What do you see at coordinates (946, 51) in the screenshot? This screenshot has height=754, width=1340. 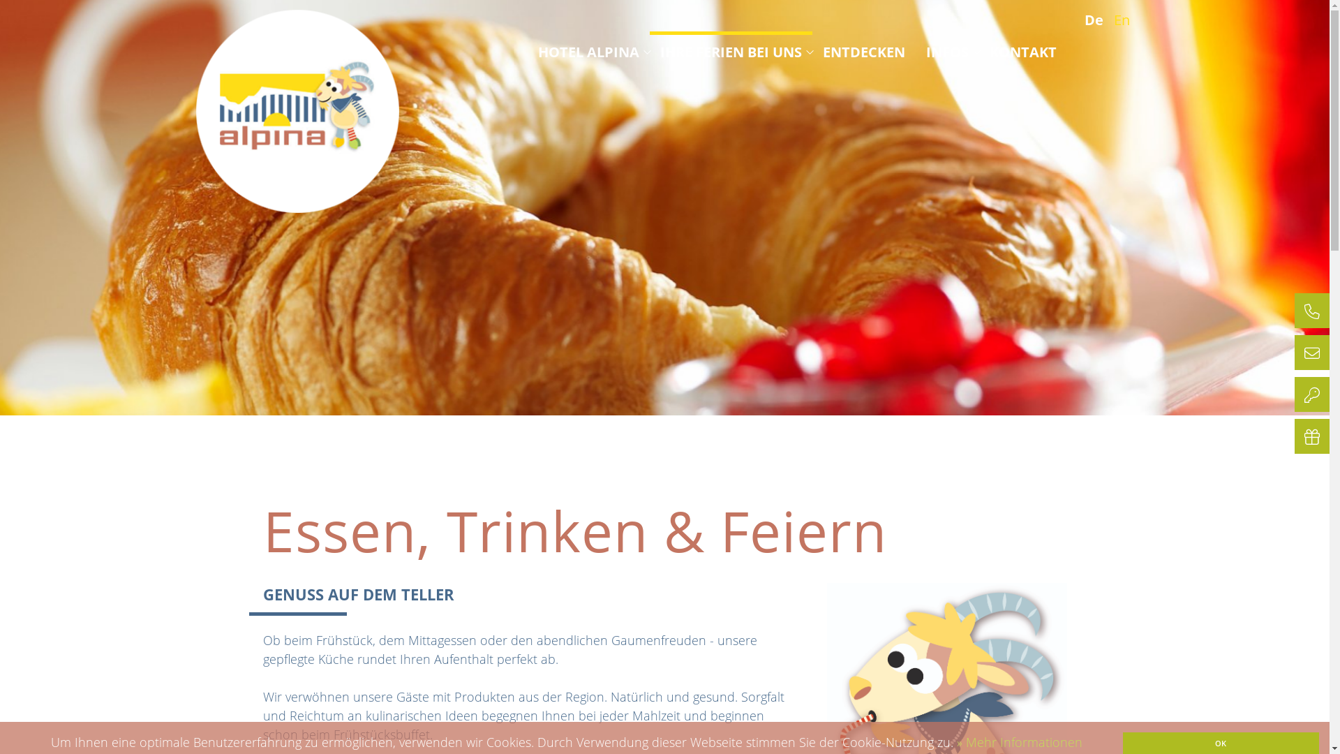 I see `'INFOS'` at bounding box center [946, 51].